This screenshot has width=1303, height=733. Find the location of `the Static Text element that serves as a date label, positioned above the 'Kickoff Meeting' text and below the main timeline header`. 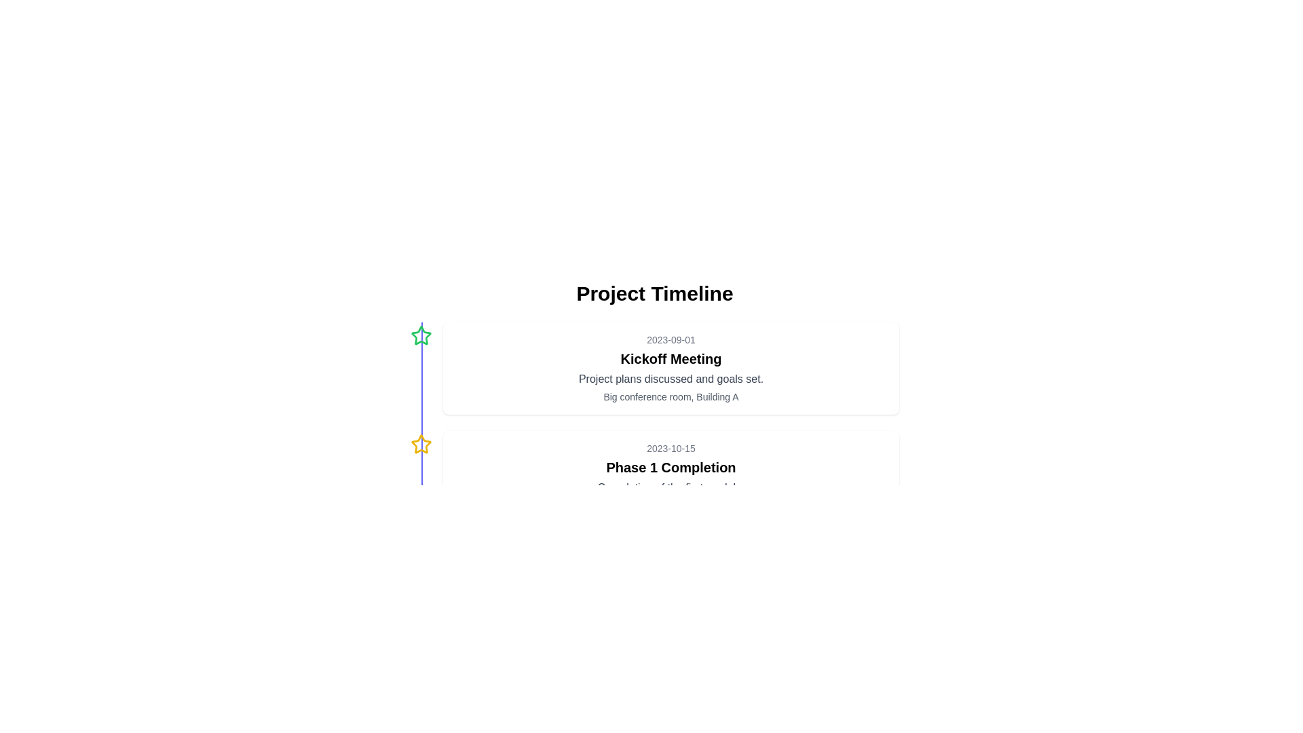

the Static Text element that serves as a date label, positioned above the 'Kickoff Meeting' text and below the main timeline header is located at coordinates (671, 339).